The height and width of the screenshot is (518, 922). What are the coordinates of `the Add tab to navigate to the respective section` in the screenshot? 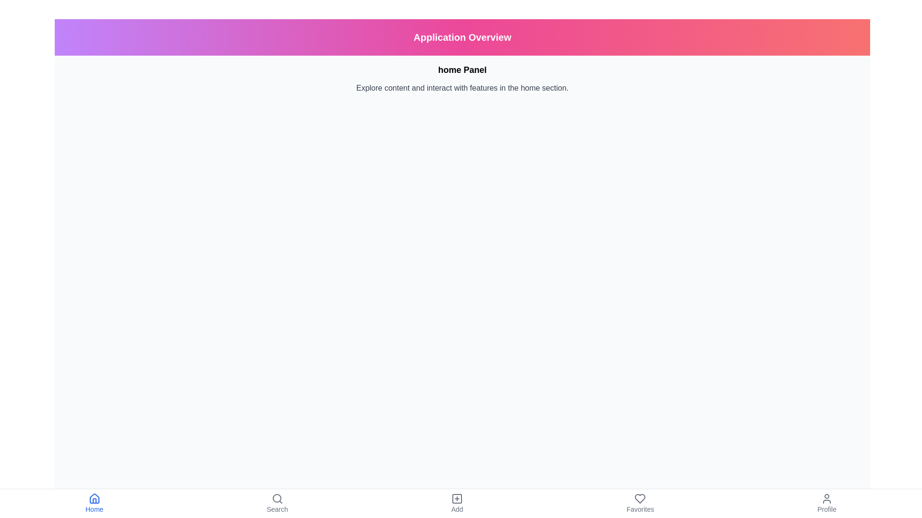 It's located at (456, 503).